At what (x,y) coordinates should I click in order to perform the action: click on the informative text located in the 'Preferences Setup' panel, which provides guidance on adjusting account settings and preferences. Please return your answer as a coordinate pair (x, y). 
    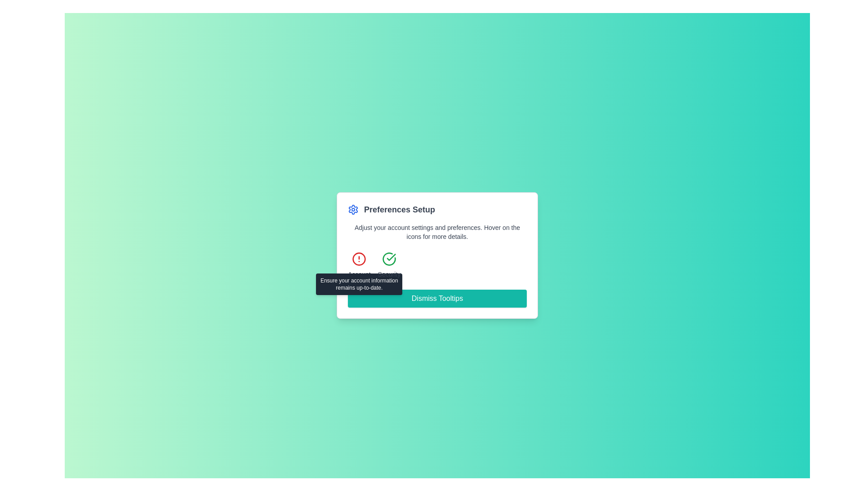
    Looking at the image, I should click on (437, 231).